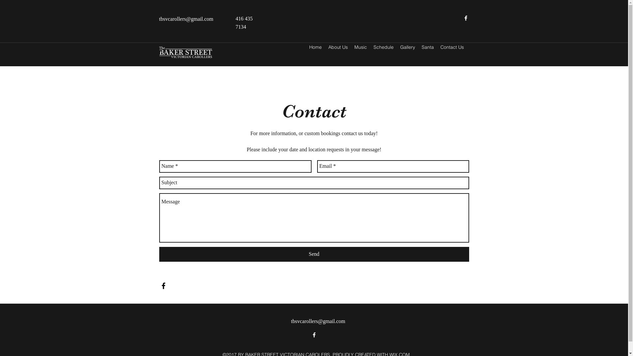  What do you see at coordinates (360, 46) in the screenshot?
I see `'Music'` at bounding box center [360, 46].